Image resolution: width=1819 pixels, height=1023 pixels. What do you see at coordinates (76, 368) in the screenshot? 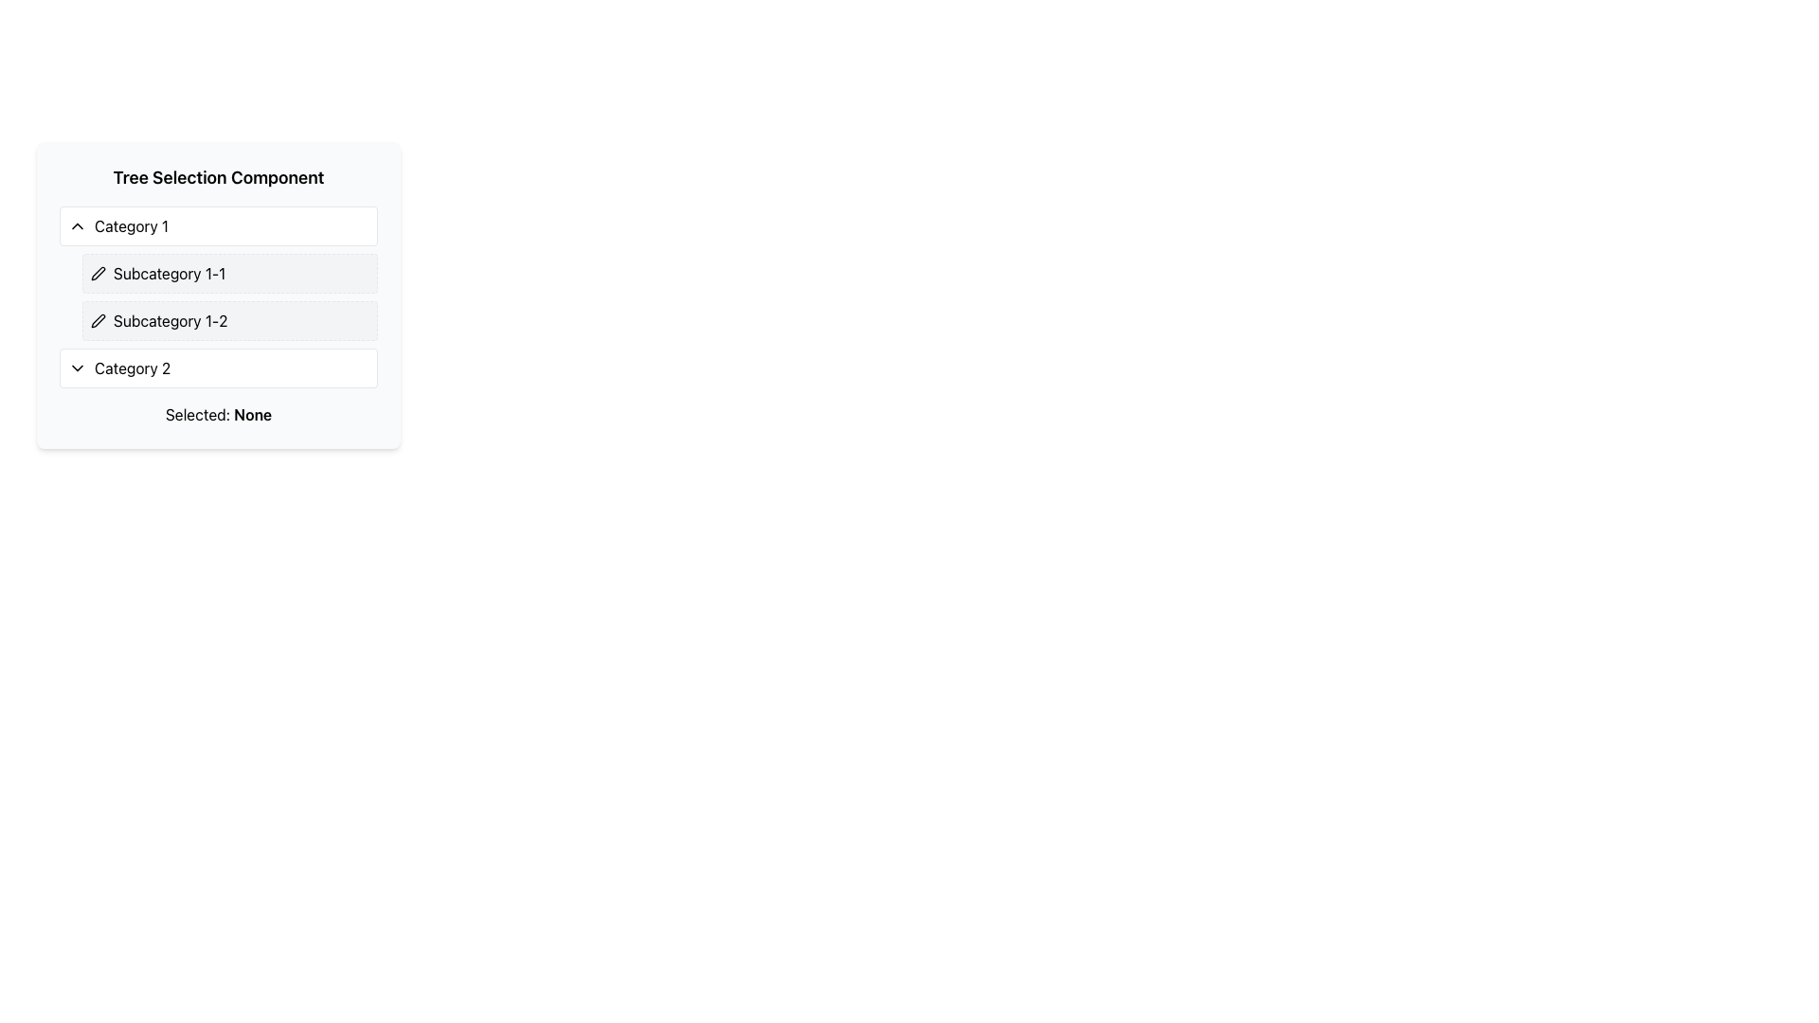
I see `the downward-facing chevron icon next to the 'Category 2' button` at bounding box center [76, 368].